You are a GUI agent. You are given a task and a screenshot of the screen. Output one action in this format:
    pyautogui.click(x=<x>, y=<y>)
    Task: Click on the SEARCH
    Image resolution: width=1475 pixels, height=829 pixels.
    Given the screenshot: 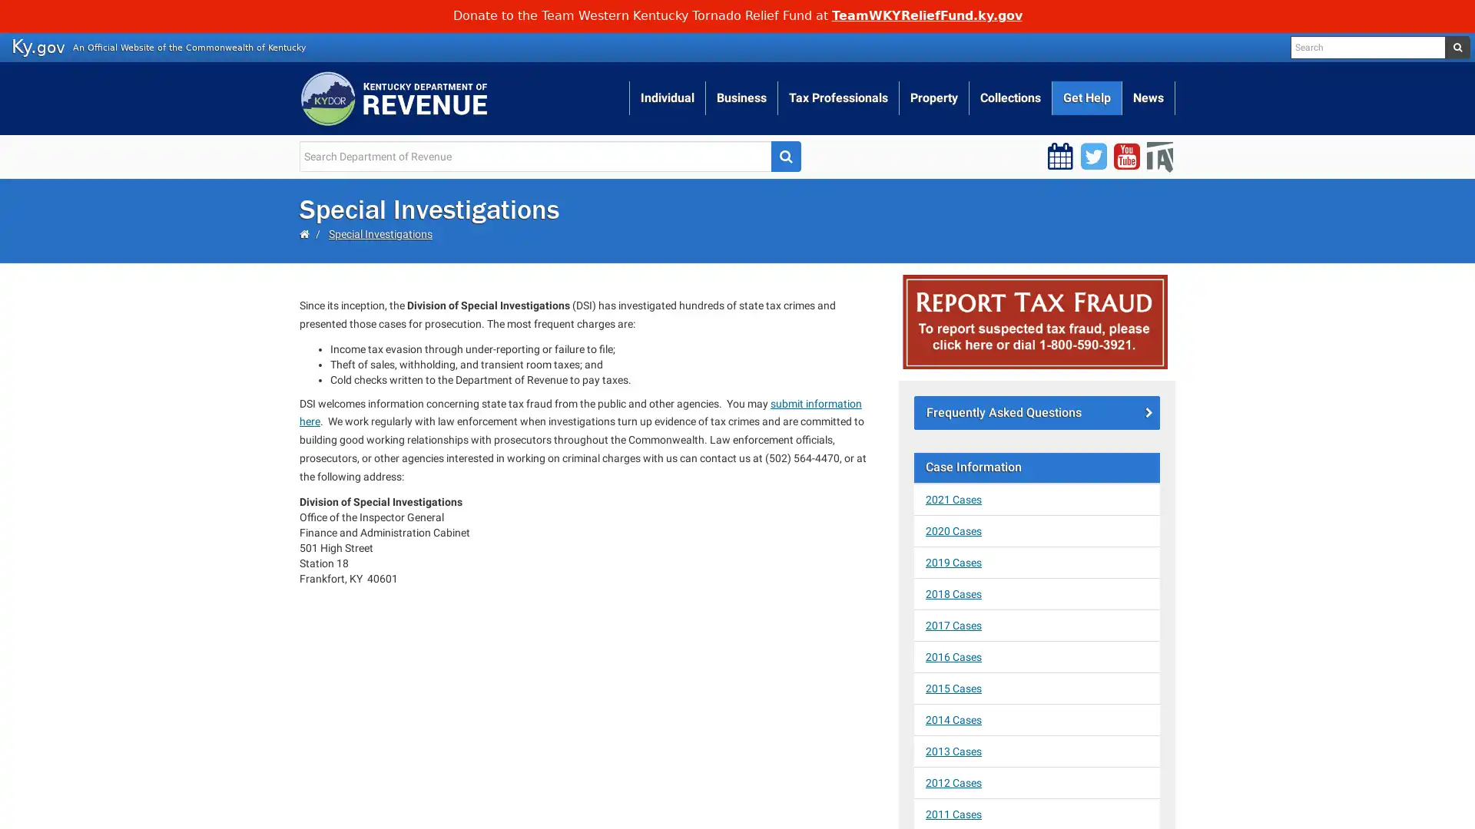 What is the action you would take?
    pyautogui.click(x=1456, y=46)
    